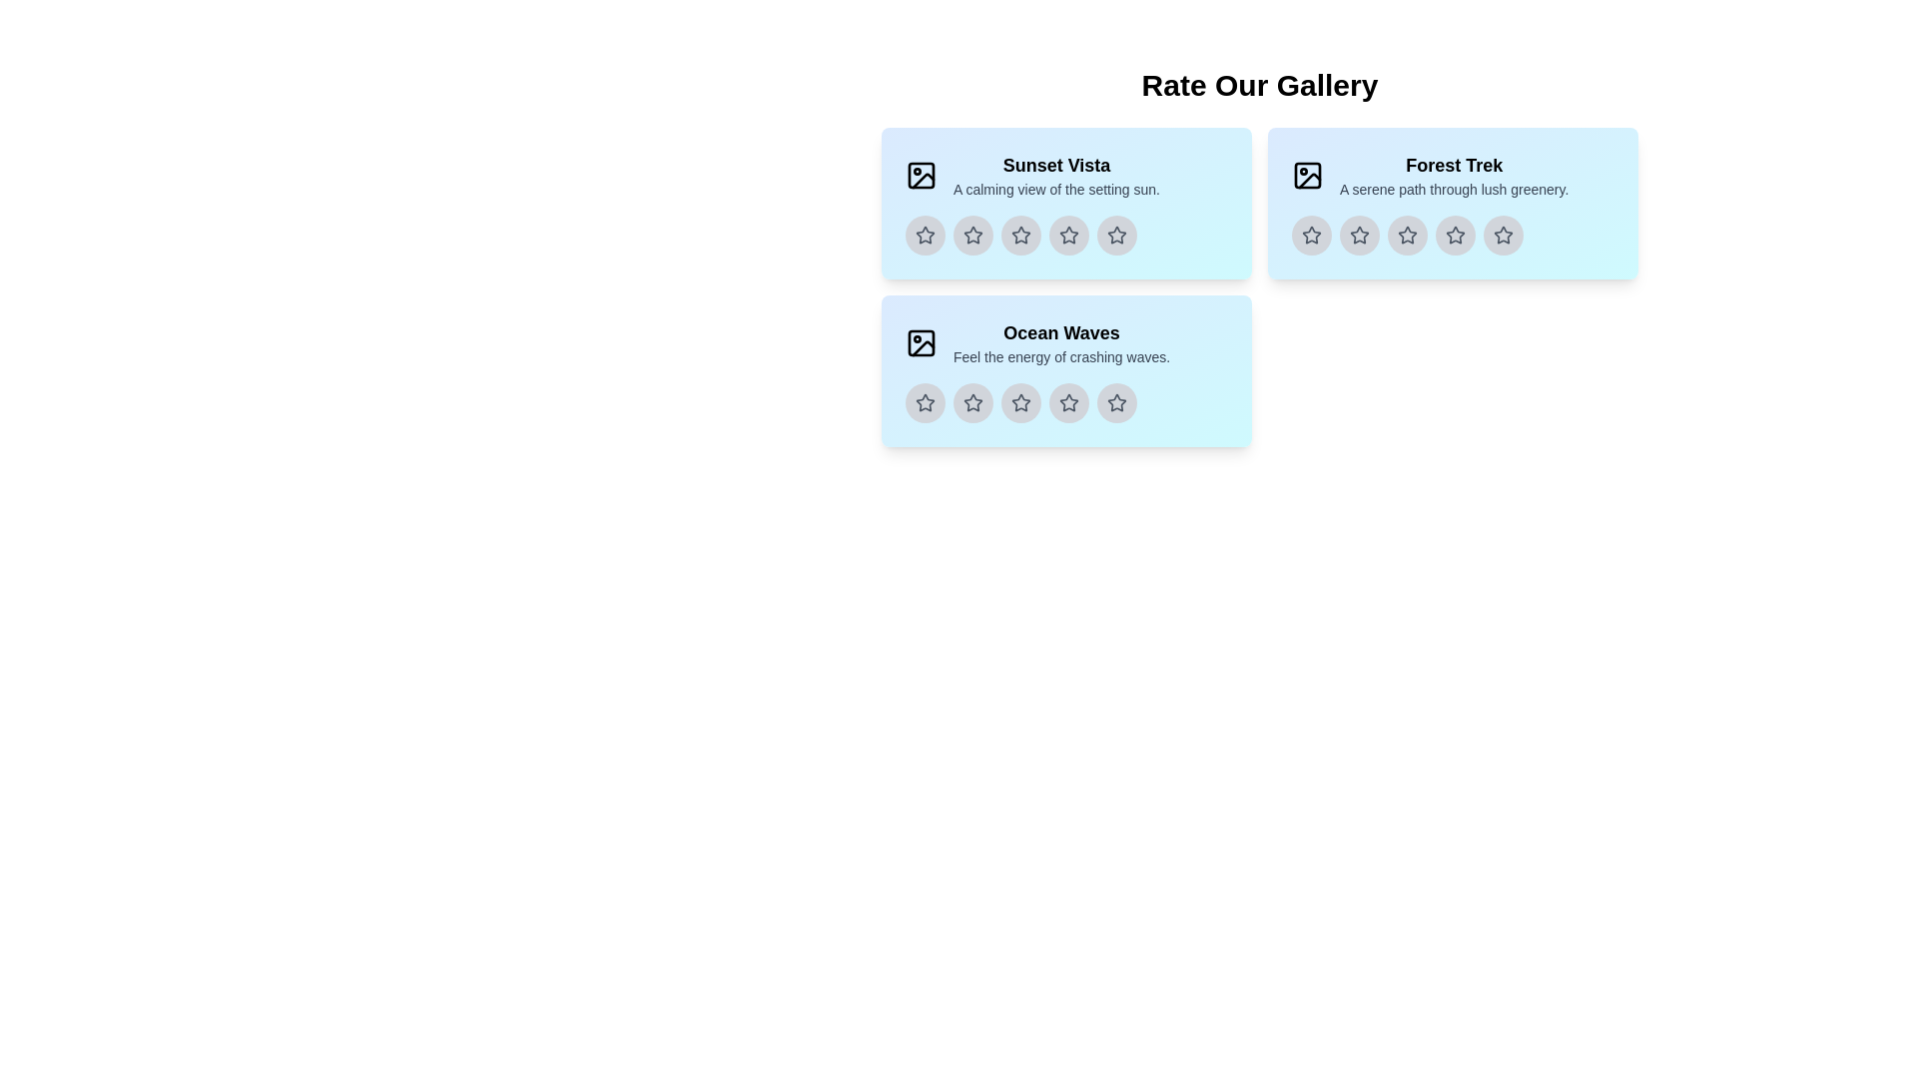  What do you see at coordinates (972, 403) in the screenshot?
I see `the circular button with a gray background and a star icon in the second row, first card ('Ocean Waves')` at bounding box center [972, 403].